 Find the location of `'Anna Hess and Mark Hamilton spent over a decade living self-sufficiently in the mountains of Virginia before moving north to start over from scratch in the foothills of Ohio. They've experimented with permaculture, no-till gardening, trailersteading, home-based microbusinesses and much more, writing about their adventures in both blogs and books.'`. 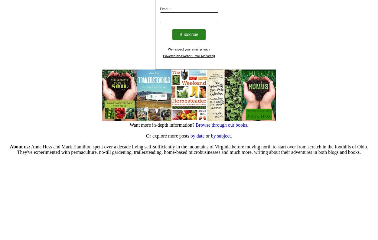

'Anna Hess and Mark Hamilton spent over a decade living self-sufficiently in the mountains of Virginia before moving north to start over from scratch in the foothills of Ohio. They've experimented with permaculture, no-till gardening, trailersteading, home-based microbusinesses and much more, writing about their adventures in both blogs and books.' is located at coordinates (192, 149).